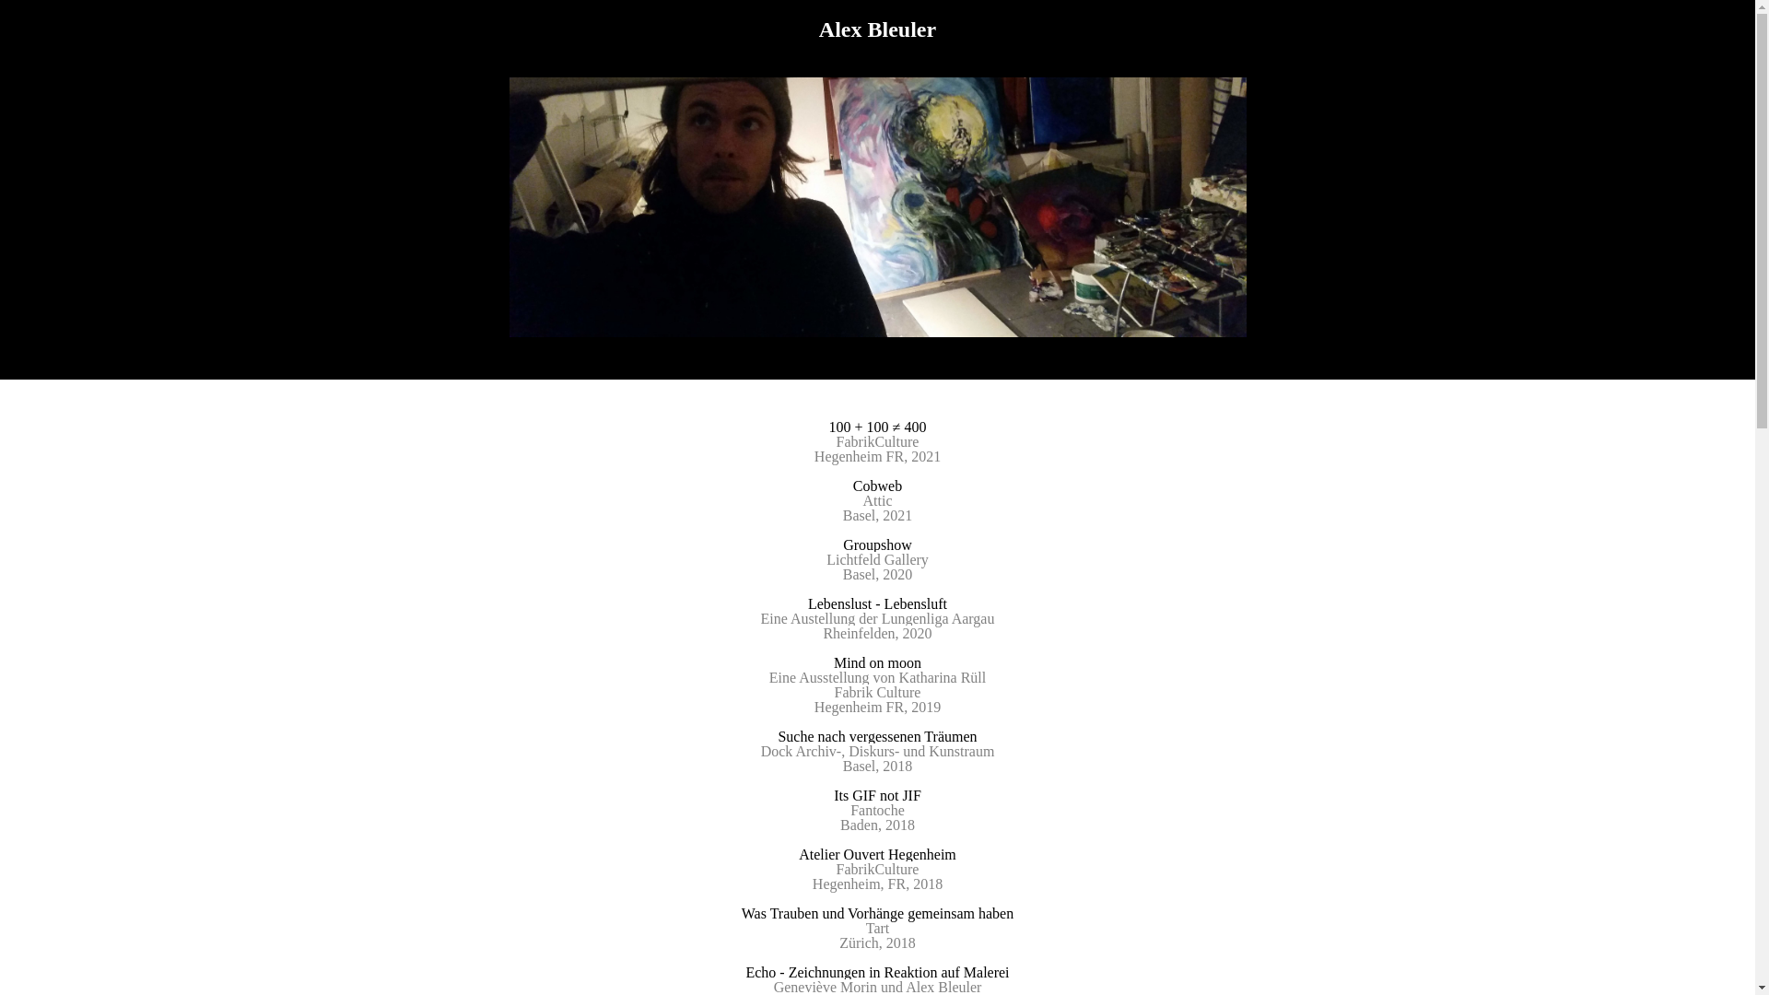  Describe the element at coordinates (876, 661) in the screenshot. I see `'Mind on moon'` at that location.